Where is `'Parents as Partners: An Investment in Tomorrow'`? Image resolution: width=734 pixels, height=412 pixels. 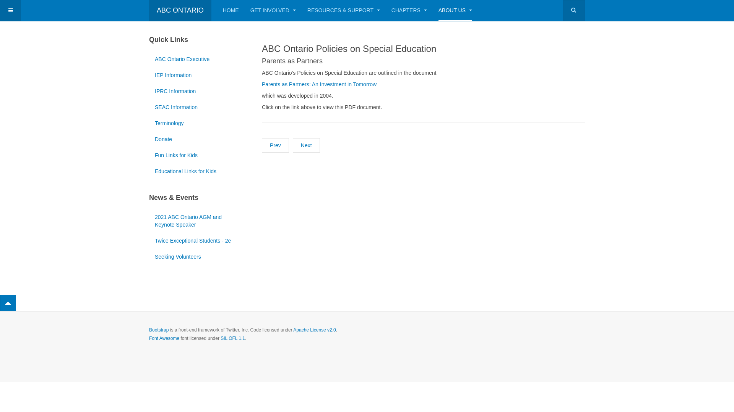 'Parents as Partners: An Investment in Tomorrow' is located at coordinates (319, 84).